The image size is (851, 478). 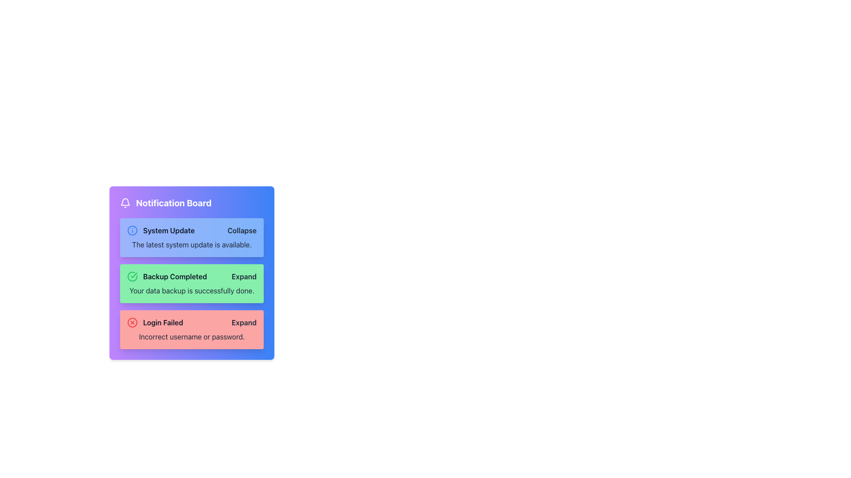 What do you see at coordinates (132, 323) in the screenshot?
I see `the Circular SVG graphical element that indicates an error in the 'Login Failed' notification card located at the bottom of the notification board` at bounding box center [132, 323].